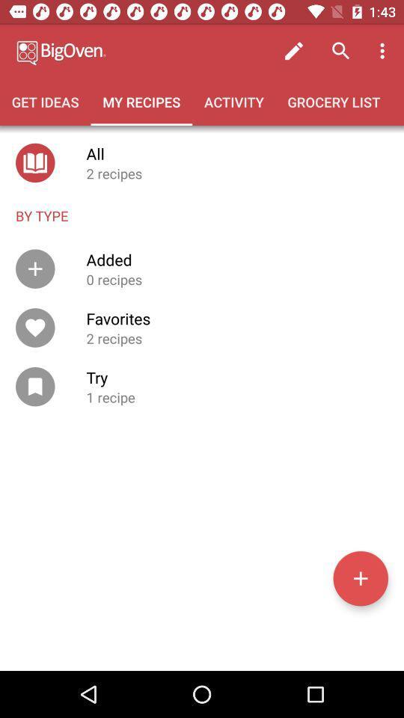 The image size is (404, 718). I want to click on a new recipe, so click(360, 577).